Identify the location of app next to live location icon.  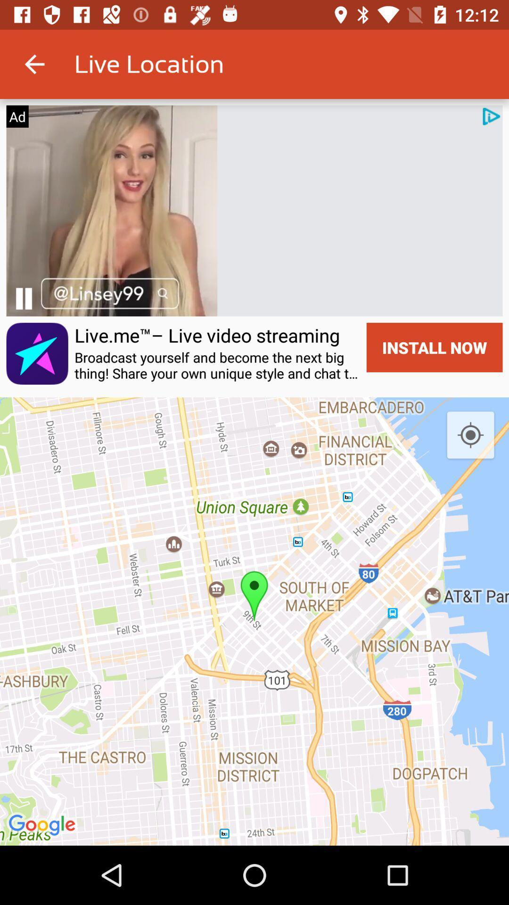
(34, 64).